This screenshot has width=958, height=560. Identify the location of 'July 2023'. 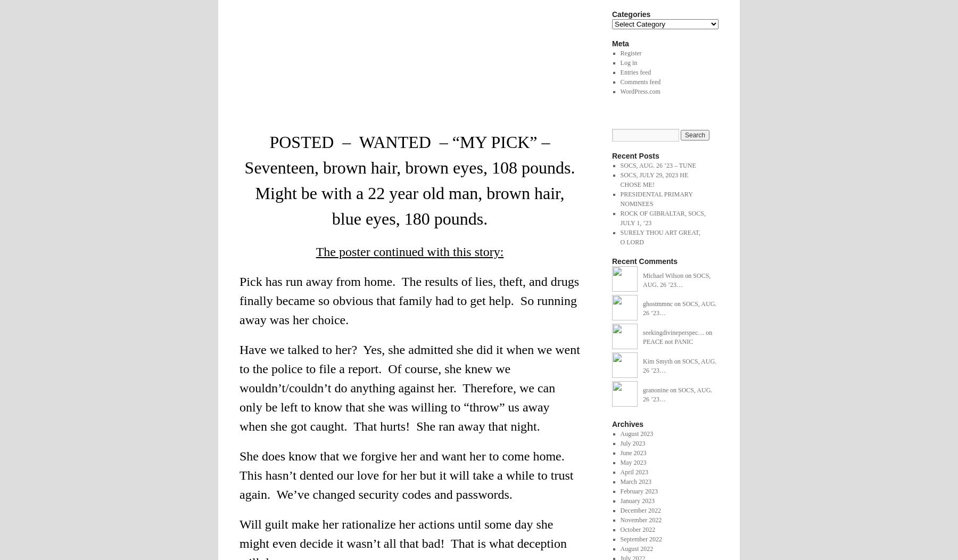
(632, 443).